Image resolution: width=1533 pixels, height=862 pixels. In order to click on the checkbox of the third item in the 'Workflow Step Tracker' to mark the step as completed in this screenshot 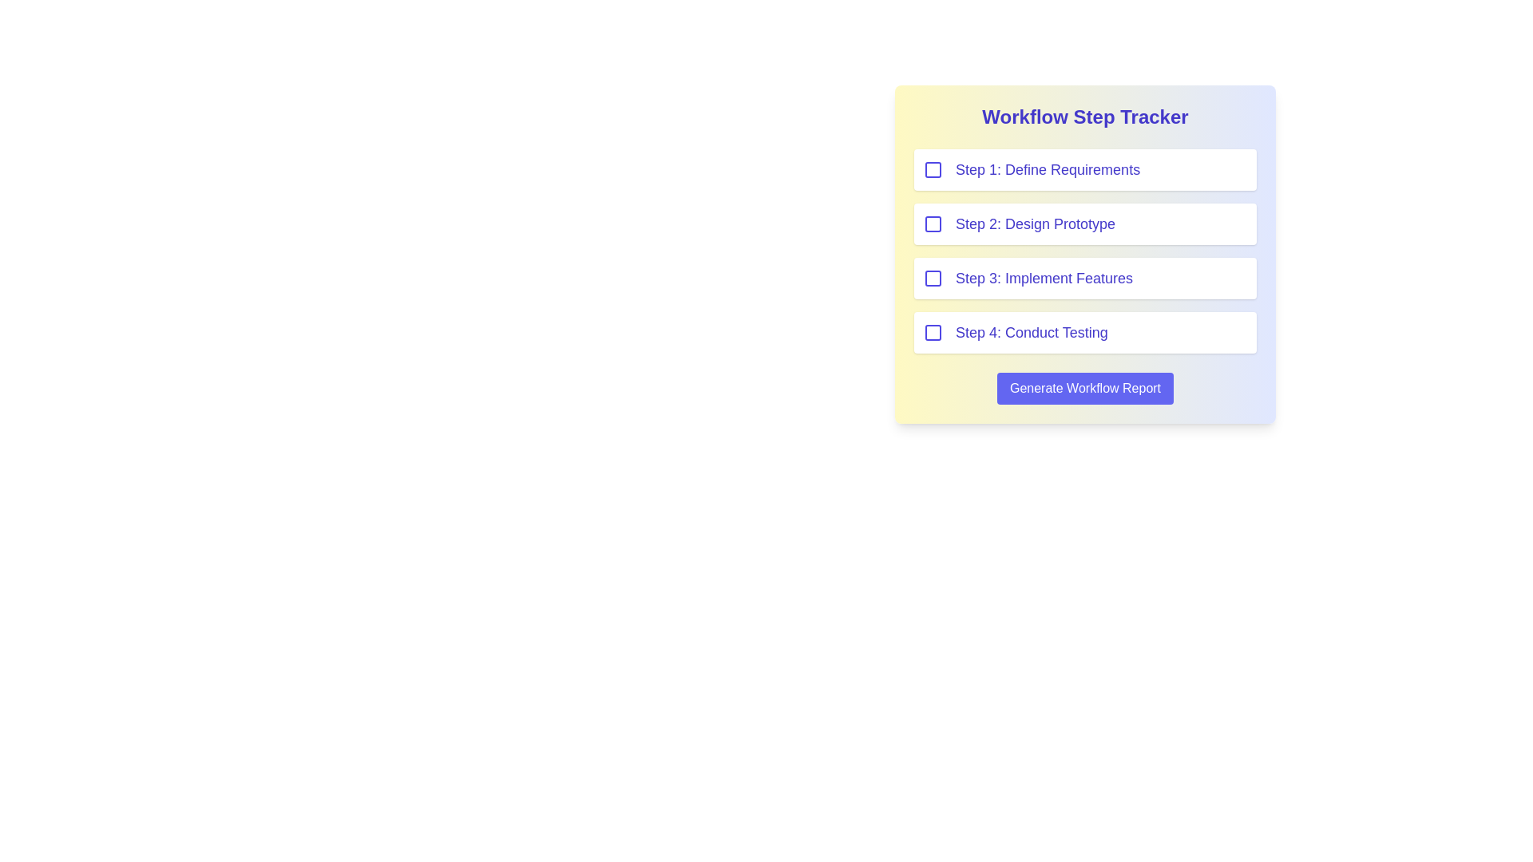, I will do `click(1085, 277)`.